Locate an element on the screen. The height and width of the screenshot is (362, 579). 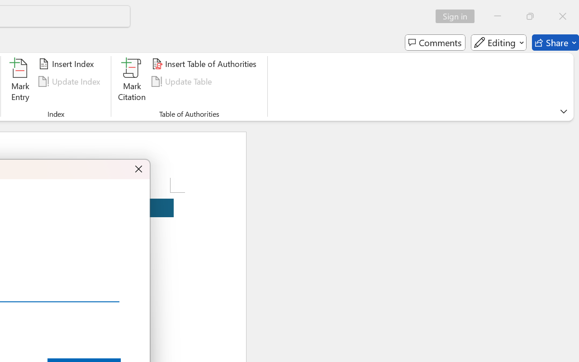
'Mark Citation...' is located at coordinates (132, 81).